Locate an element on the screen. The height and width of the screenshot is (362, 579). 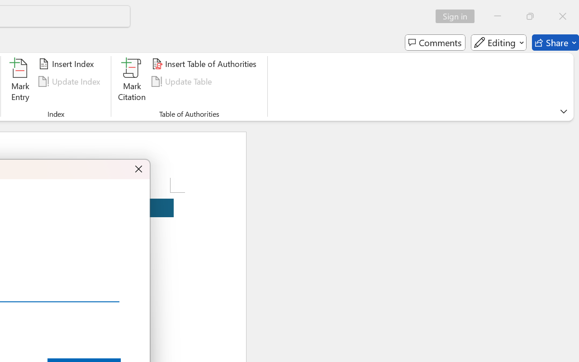
'Mark Citation...' is located at coordinates (132, 81).